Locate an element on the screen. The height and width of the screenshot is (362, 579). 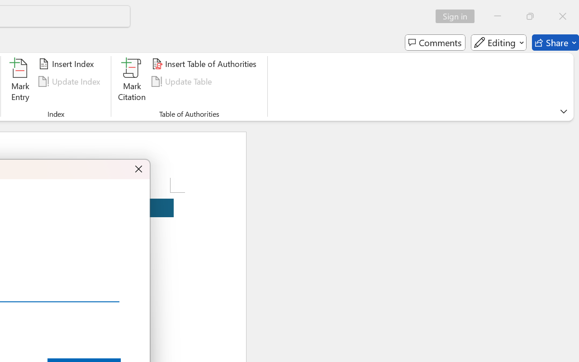
'Mark Citation...' is located at coordinates (132, 81).